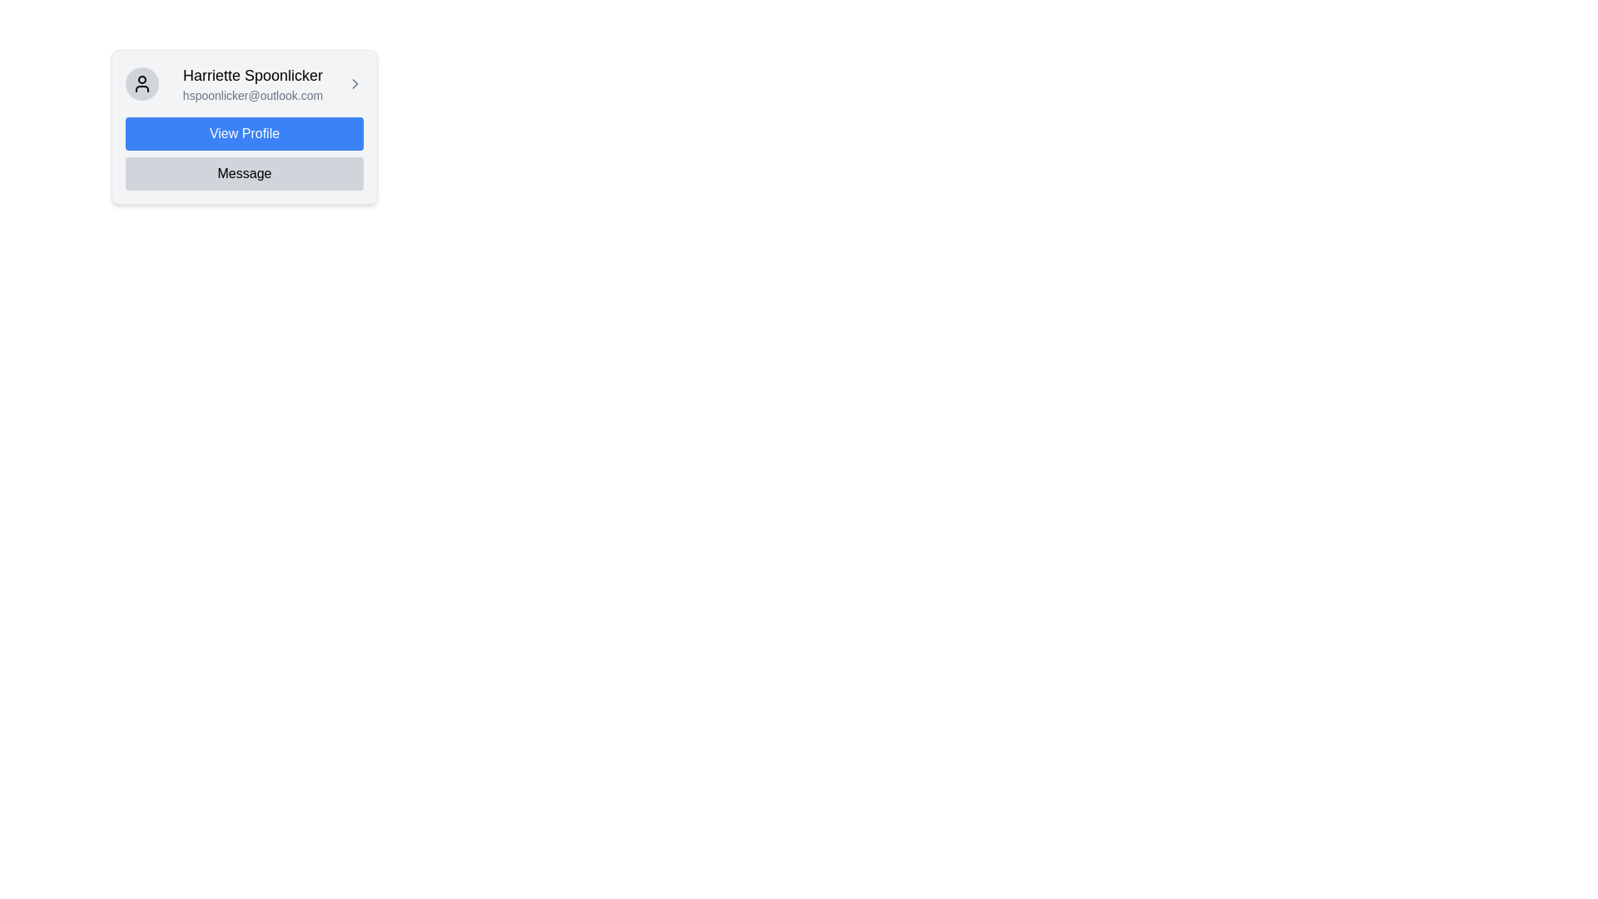 This screenshot has height=899, width=1598. I want to click on the Profile Information Section at the upper part of the card, so click(243, 83).